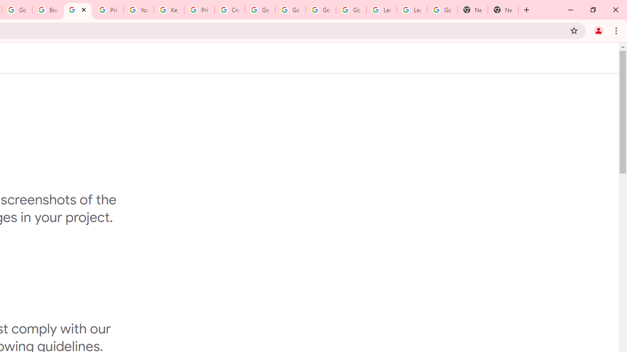  I want to click on 'Brand Resource Center', so click(47, 10).